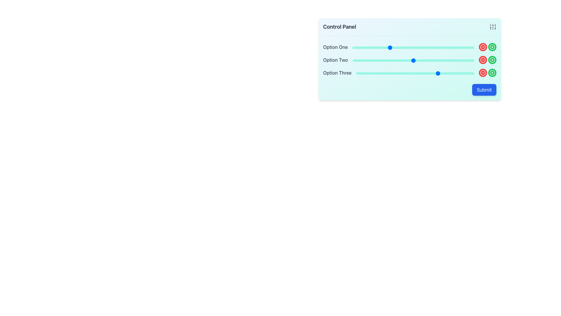 Image resolution: width=561 pixels, height=316 pixels. What do you see at coordinates (378, 73) in the screenshot?
I see `the slider for 'Option Three'` at bounding box center [378, 73].